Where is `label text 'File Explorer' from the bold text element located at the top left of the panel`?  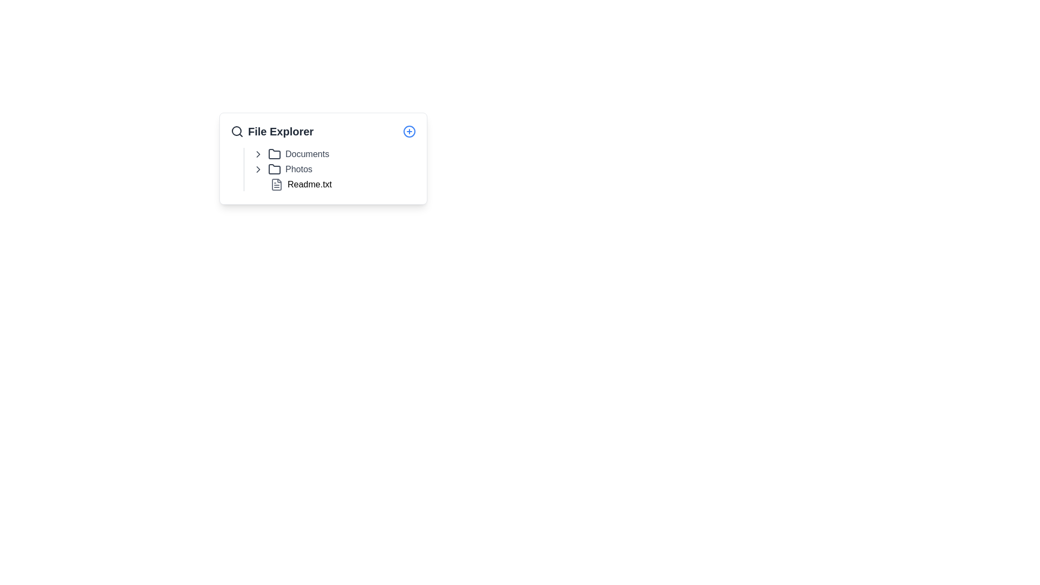
label text 'File Explorer' from the bold text element located at the top left of the panel is located at coordinates (281, 131).